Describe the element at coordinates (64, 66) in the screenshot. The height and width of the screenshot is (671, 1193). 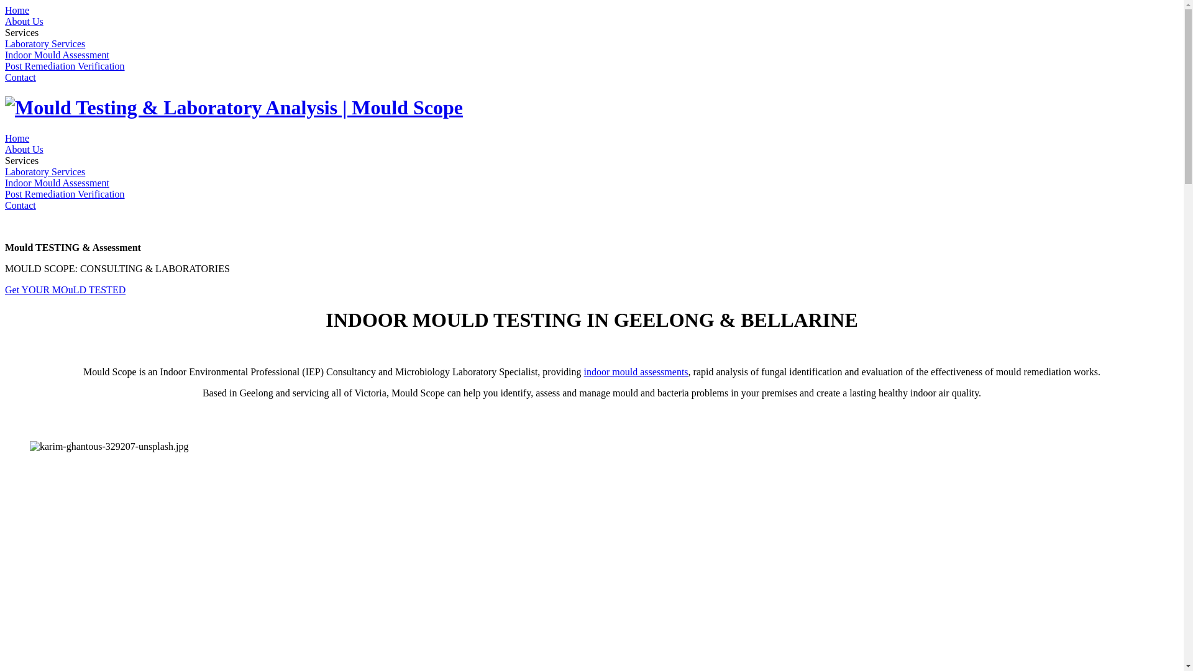
I see `'Post Remediation Verification'` at that location.